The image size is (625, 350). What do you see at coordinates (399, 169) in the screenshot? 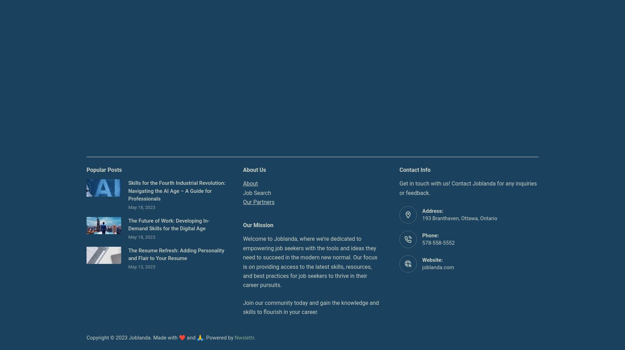
I see `'Contact Info'` at bounding box center [399, 169].